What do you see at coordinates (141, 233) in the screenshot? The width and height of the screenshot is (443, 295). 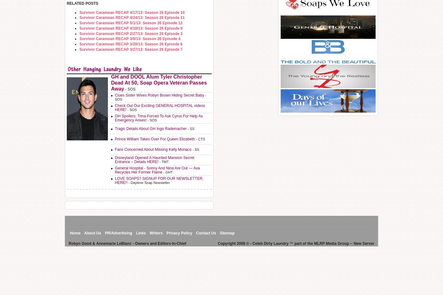 I see `'Links'` at bounding box center [141, 233].